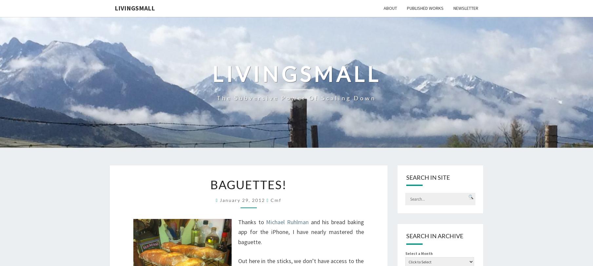  What do you see at coordinates (252, 222) in the screenshot?
I see `'Thanks to'` at bounding box center [252, 222].